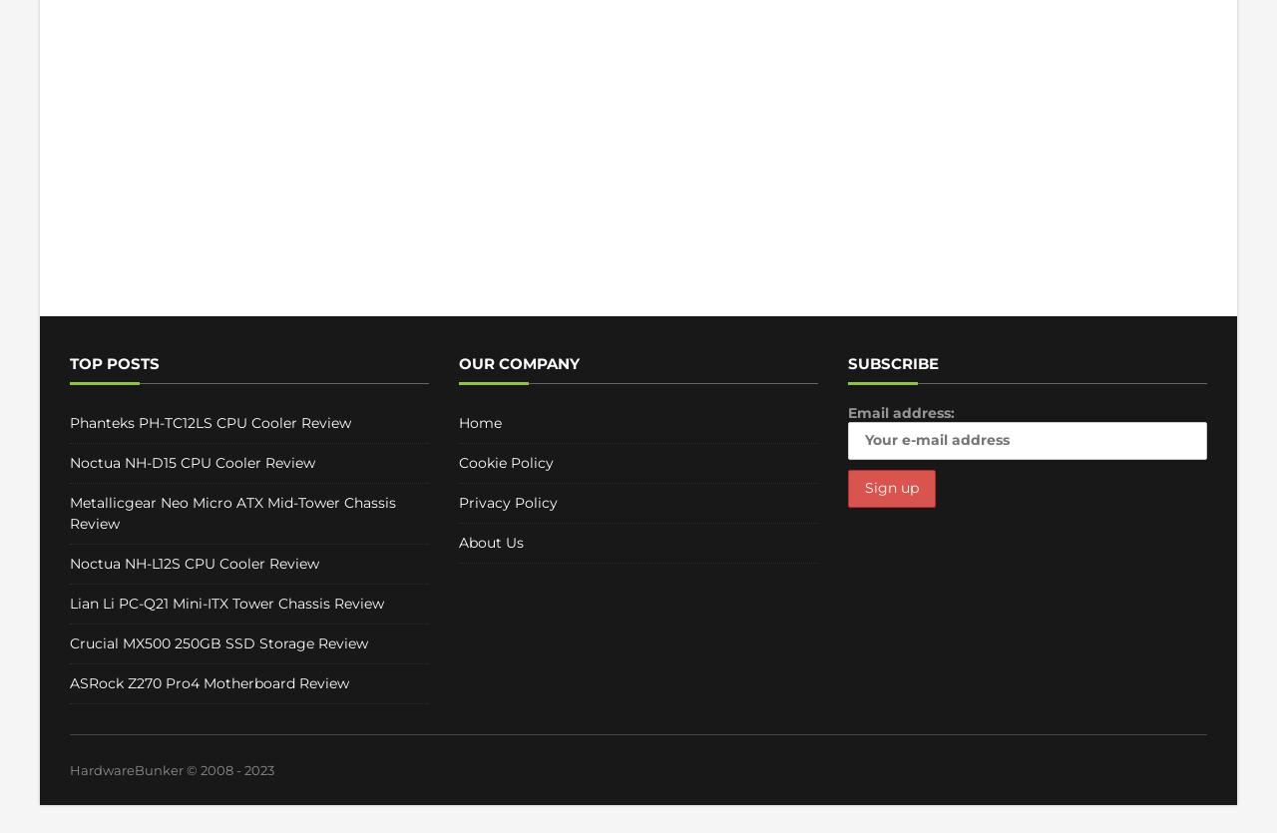  What do you see at coordinates (218, 642) in the screenshot?
I see `'Crucial MX500 250GB SSD Storage Review'` at bounding box center [218, 642].